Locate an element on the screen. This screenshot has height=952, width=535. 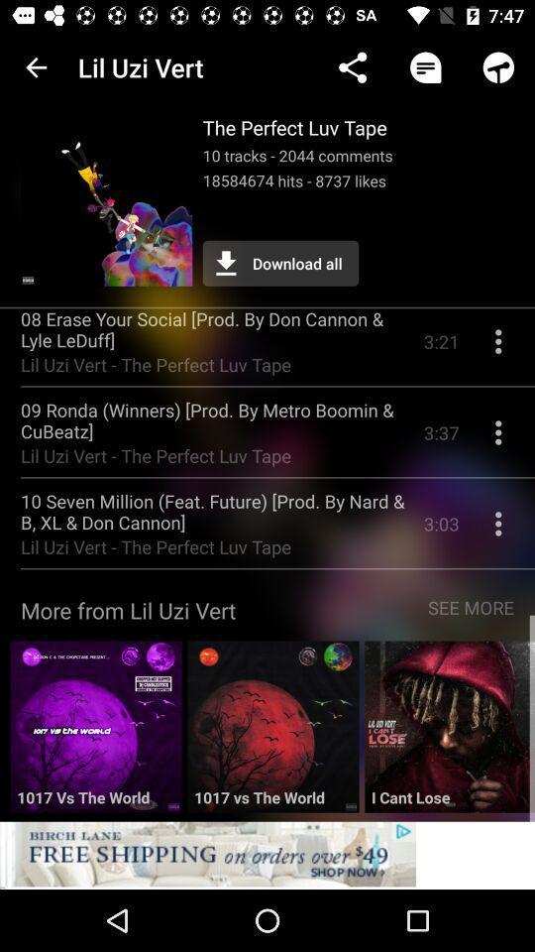
album cover is located at coordinates (271, 733).